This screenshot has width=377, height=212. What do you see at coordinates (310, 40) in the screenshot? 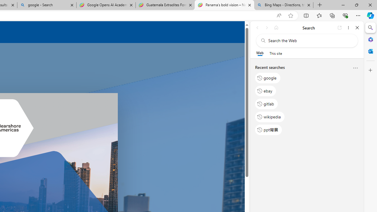
I see `'Search the web'` at bounding box center [310, 40].